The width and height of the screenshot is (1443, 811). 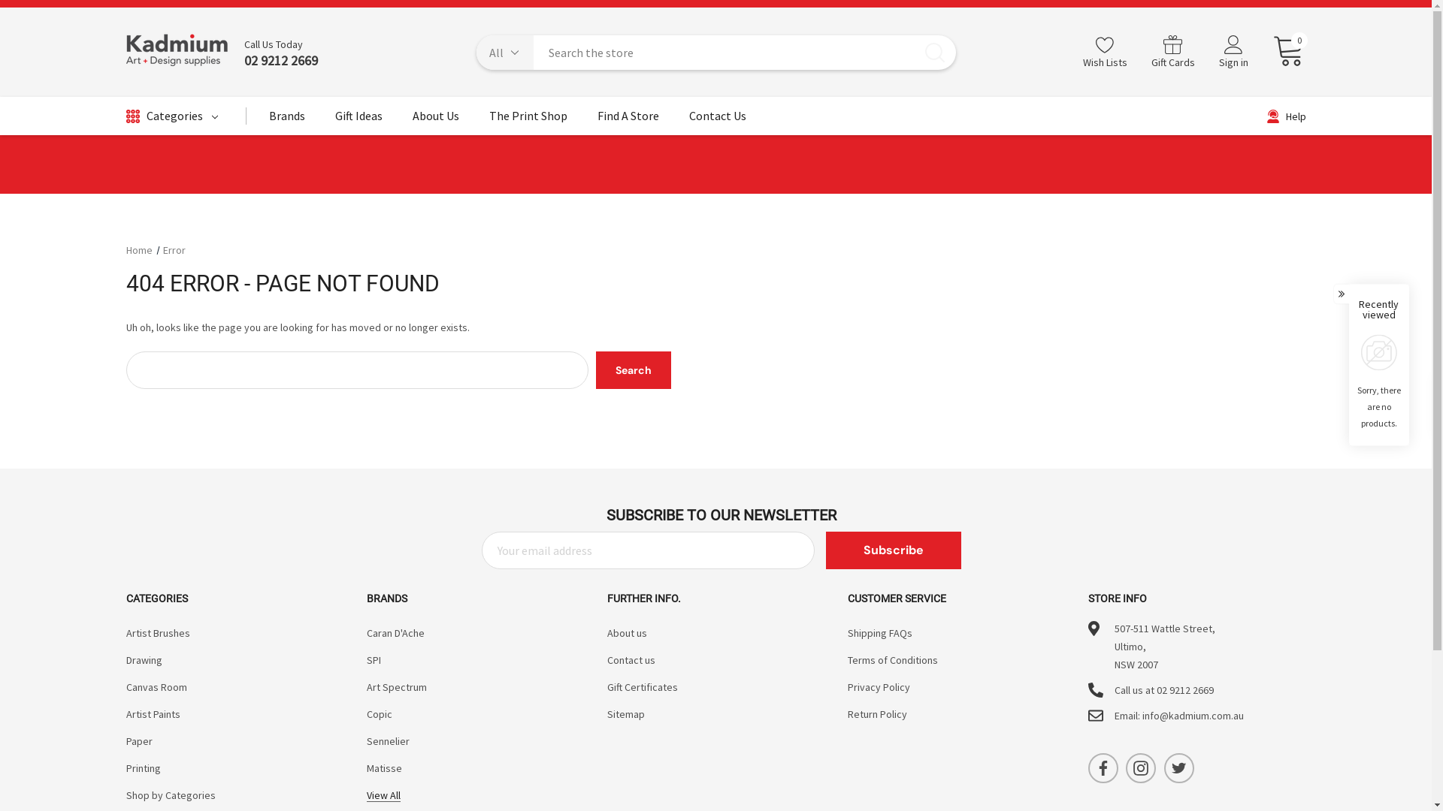 I want to click on 'The Print Shop', so click(x=488, y=119).